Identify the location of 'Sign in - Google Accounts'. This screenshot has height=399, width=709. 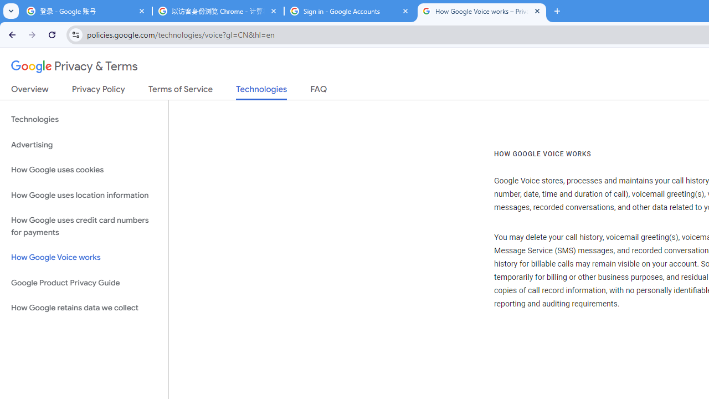
(350, 11).